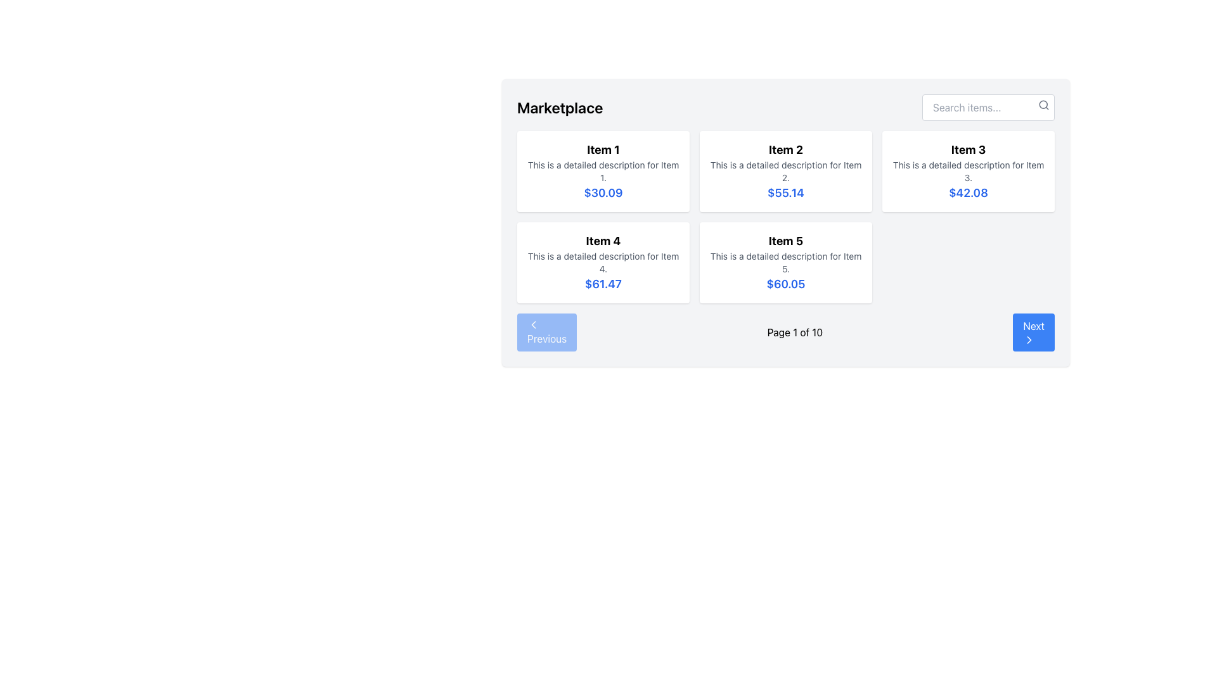 The image size is (1217, 684). I want to click on the text label located in the second row, left column of the grid layout in the 'Marketplace' section, which identifies 'Item 4', so click(602, 241).